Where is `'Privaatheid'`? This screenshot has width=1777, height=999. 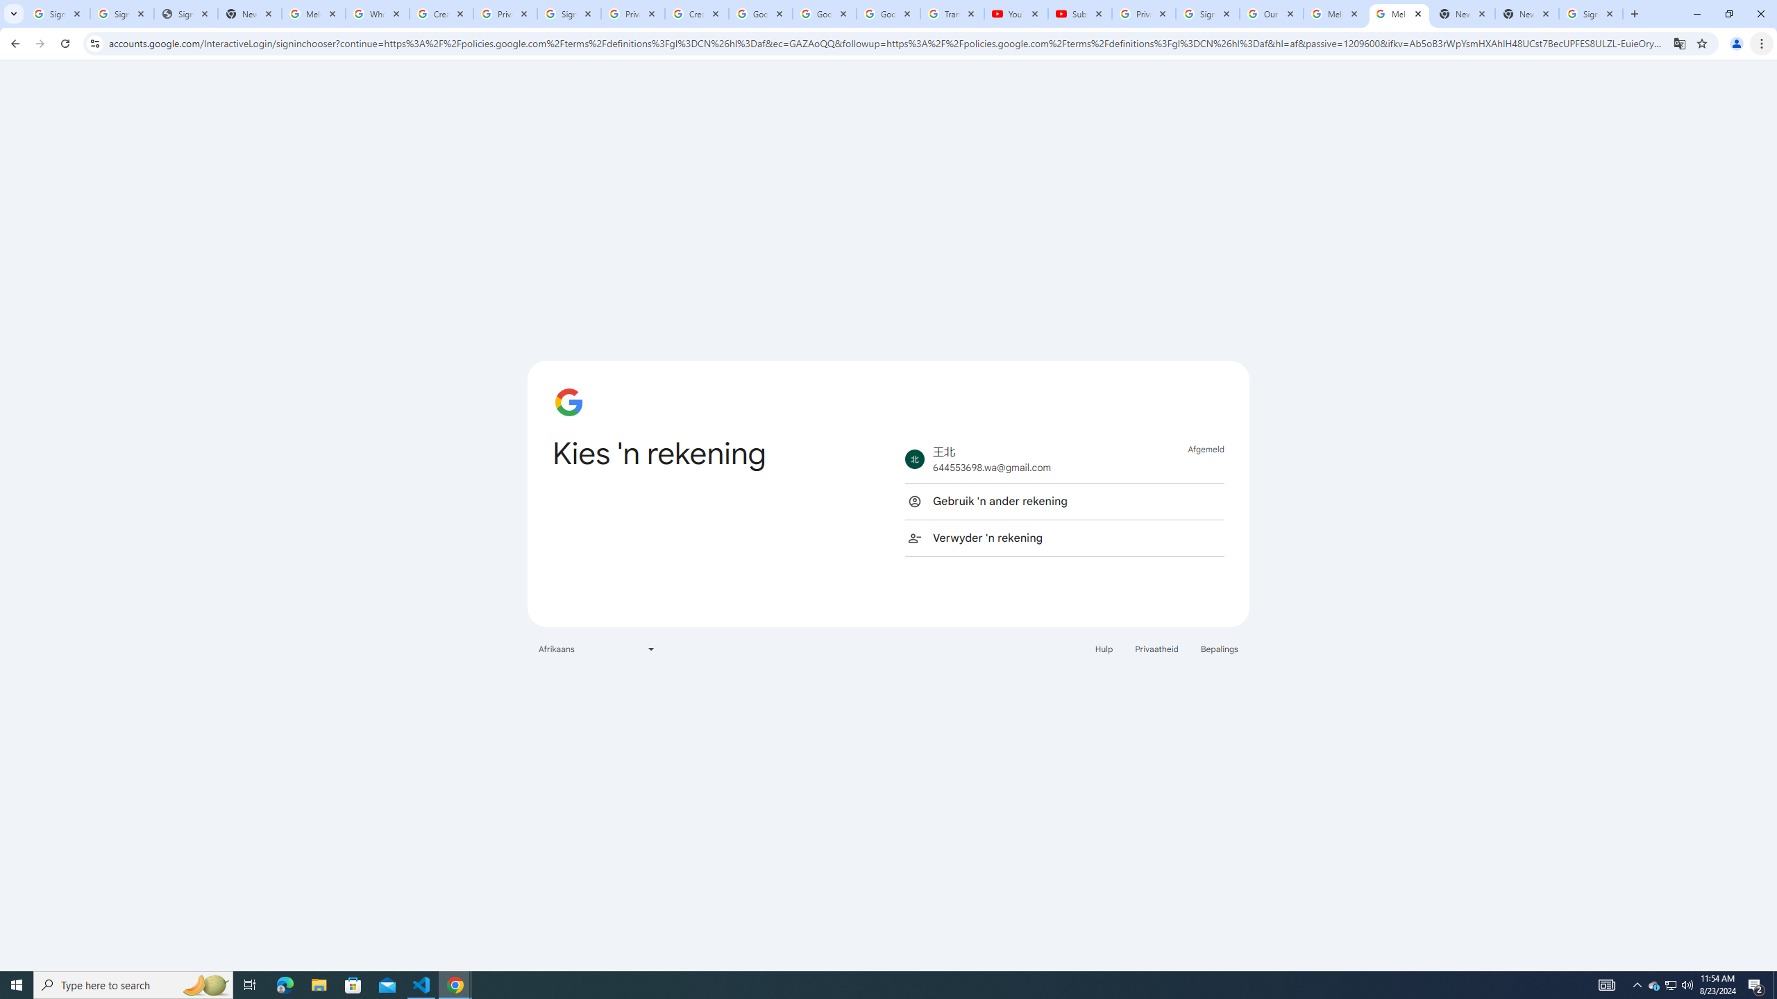
'Privaatheid' is located at coordinates (1156, 648).